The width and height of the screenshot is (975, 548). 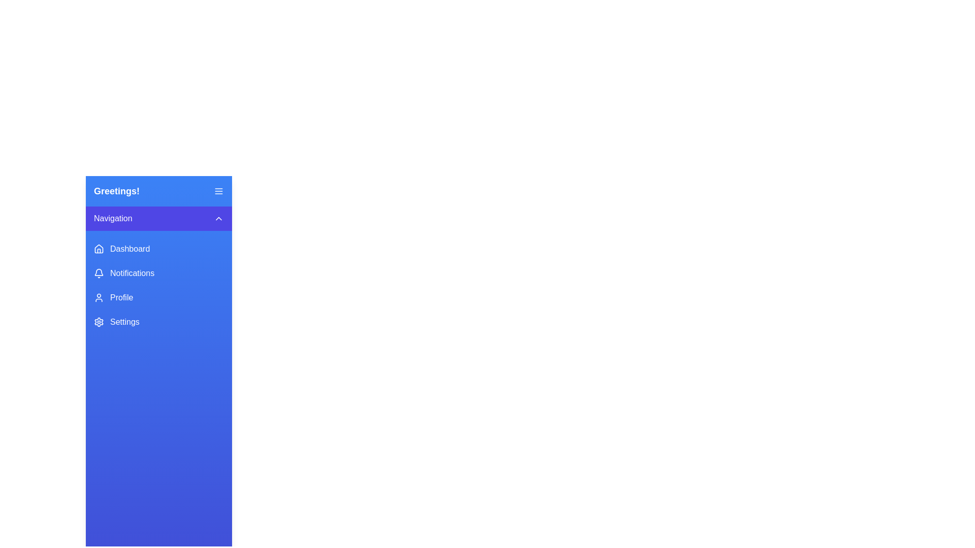 I want to click on the notification bell icon located in the middle of the sidebar panel, so click(x=99, y=271).